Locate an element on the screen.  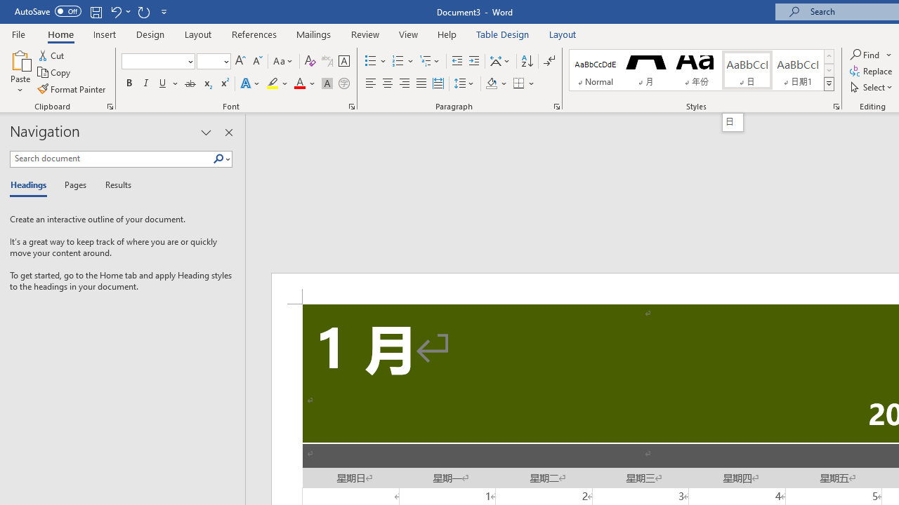
'AutomationID: QuickStylesGallery' is located at coordinates (702, 70).